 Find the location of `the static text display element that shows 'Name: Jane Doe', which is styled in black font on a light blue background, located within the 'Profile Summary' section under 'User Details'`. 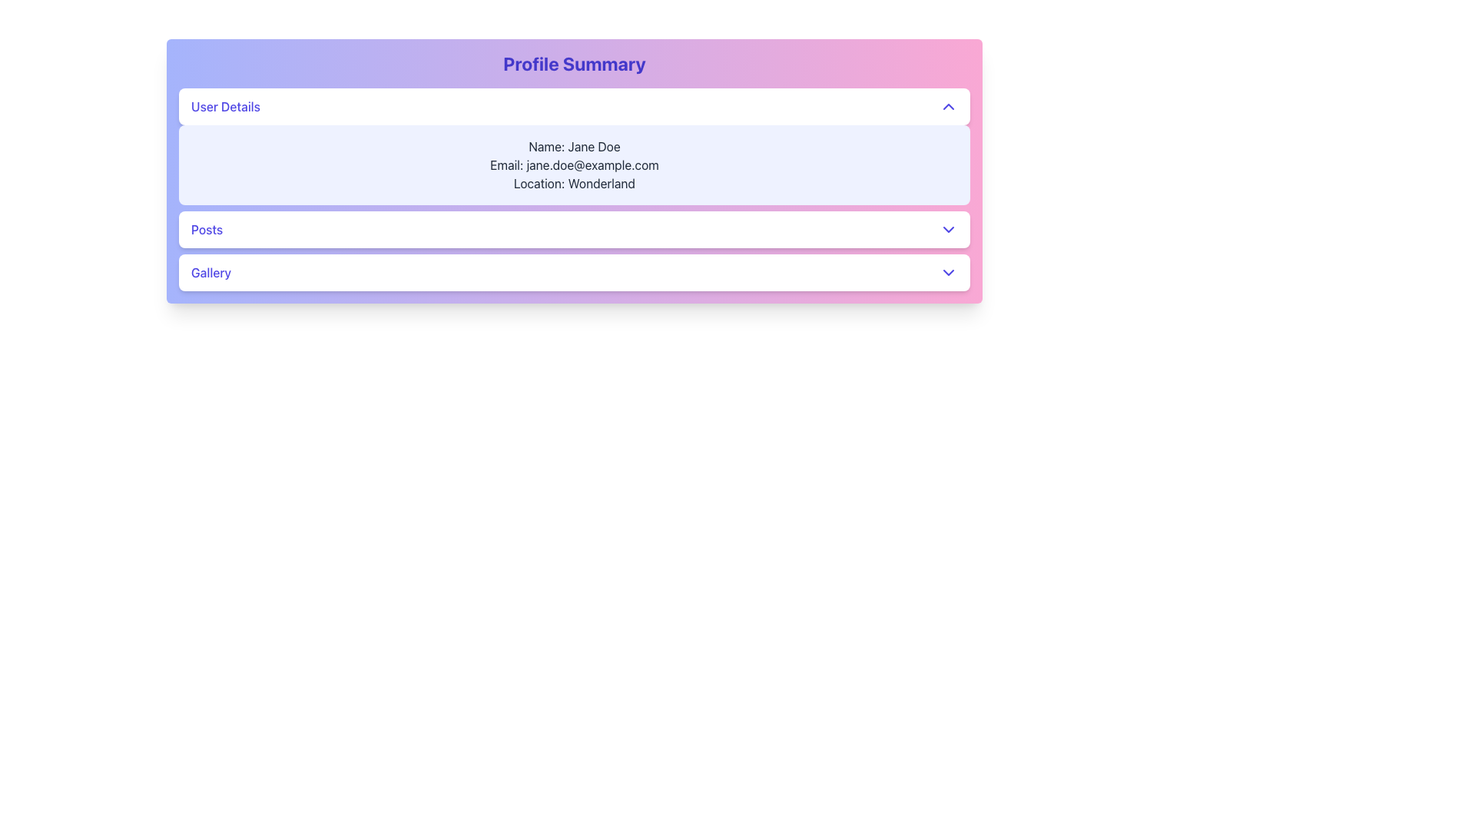

the static text display element that shows 'Name: Jane Doe', which is styled in black font on a light blue background, located within the 'Profile Summary' section under 'User Details' is located at coordinates (574, 147).